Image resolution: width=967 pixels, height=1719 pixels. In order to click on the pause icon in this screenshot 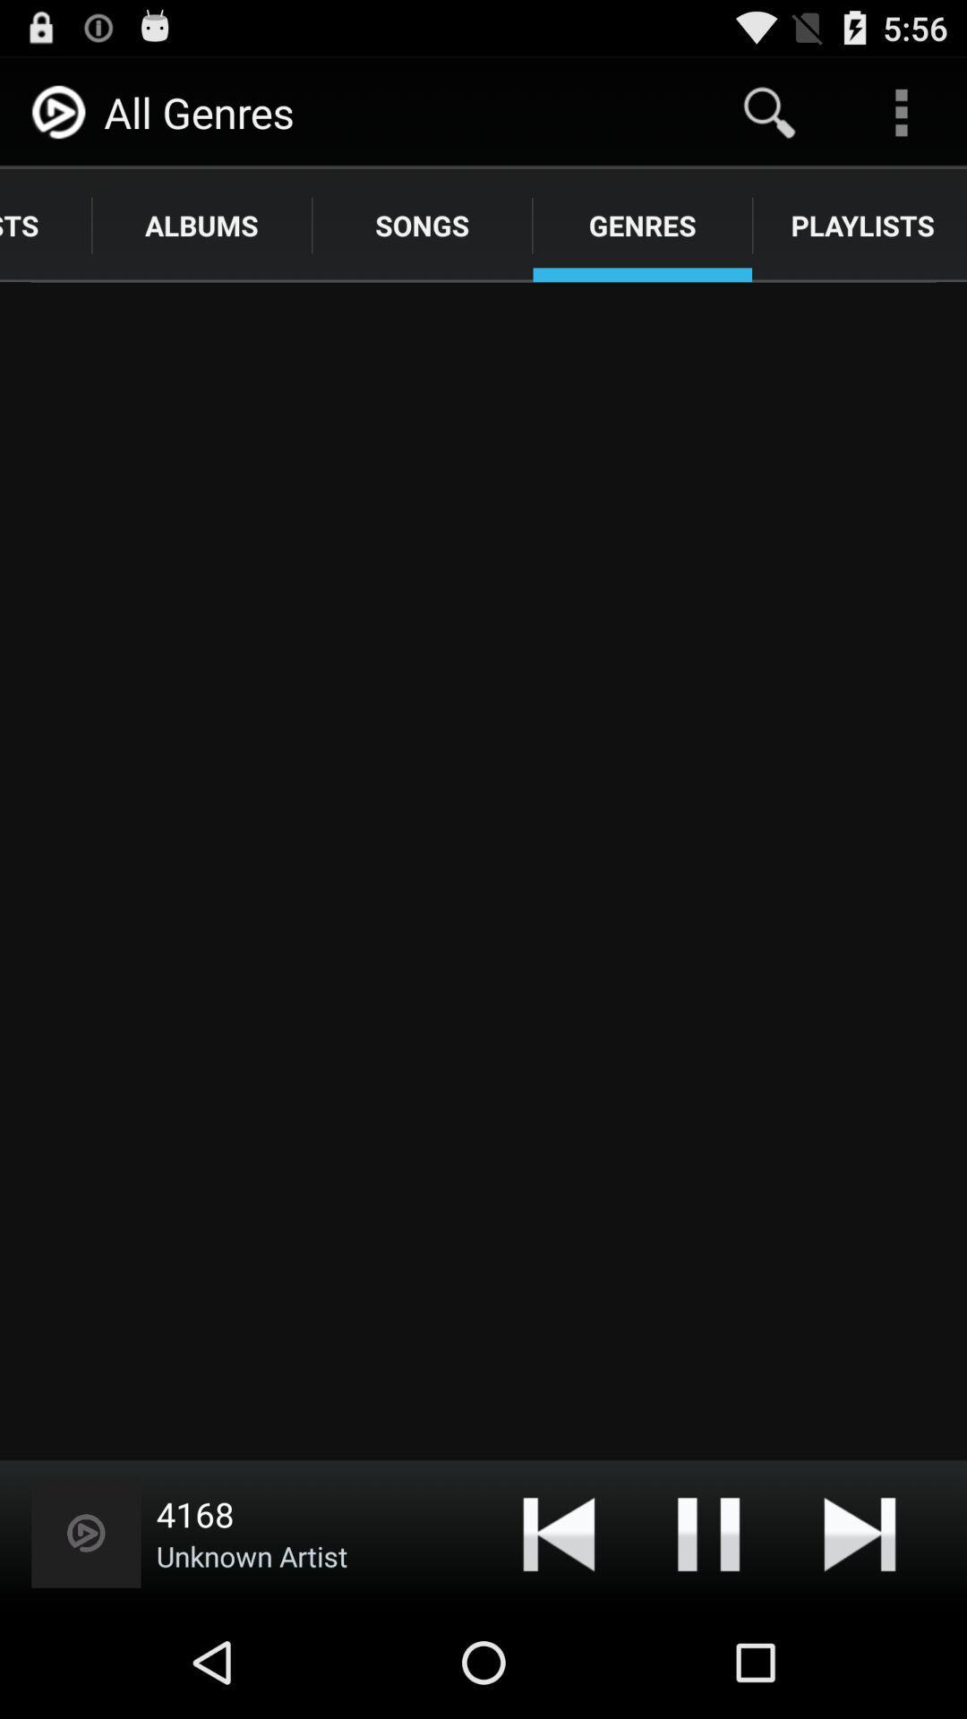, I will do `click(707, 1640)`.